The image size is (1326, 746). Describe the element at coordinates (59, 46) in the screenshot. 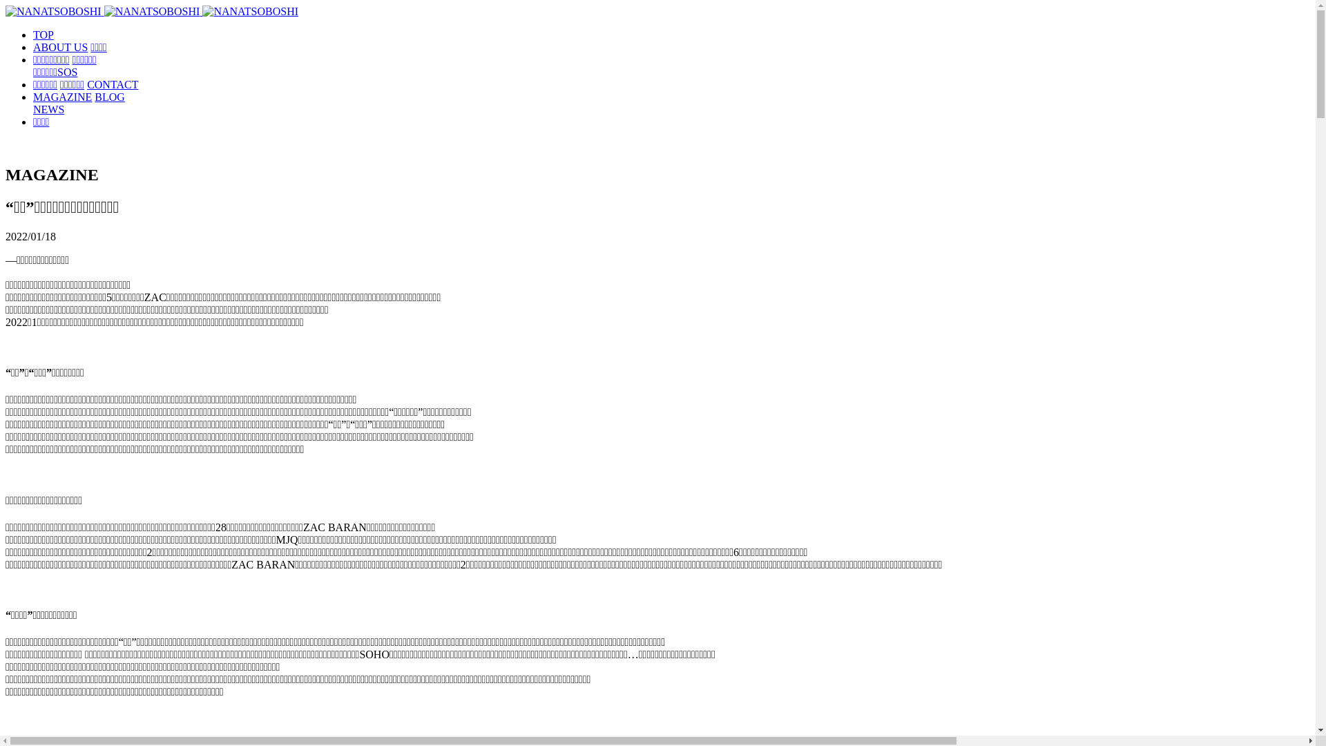

I see `'ABOUT US'` at that location.